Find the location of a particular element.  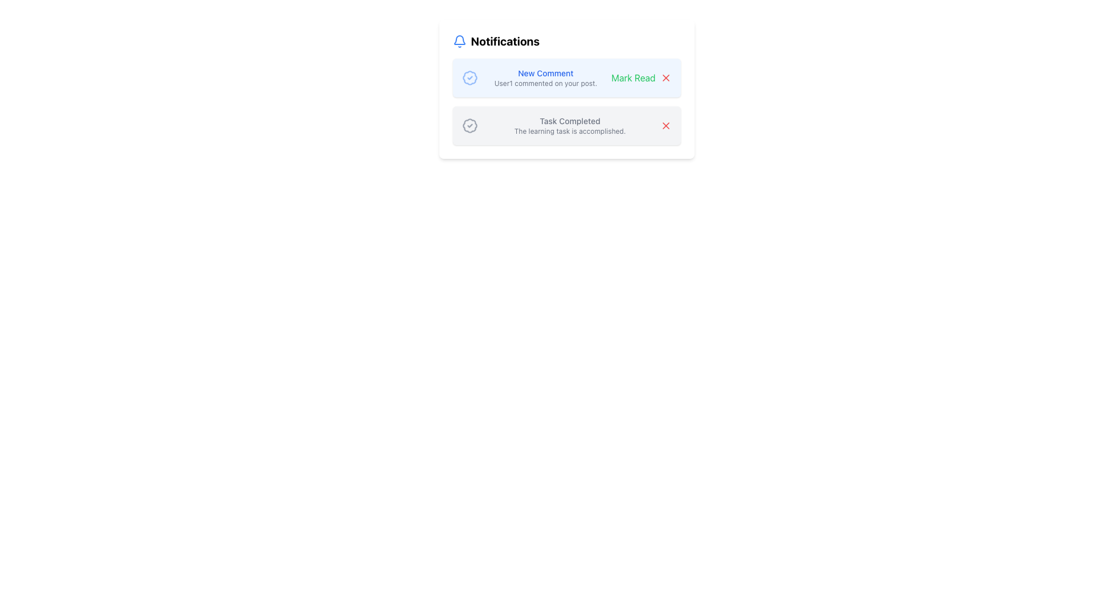

the button located to the right of the notification details in the first notification item to mark it as read is located at coordinates (632, 77).